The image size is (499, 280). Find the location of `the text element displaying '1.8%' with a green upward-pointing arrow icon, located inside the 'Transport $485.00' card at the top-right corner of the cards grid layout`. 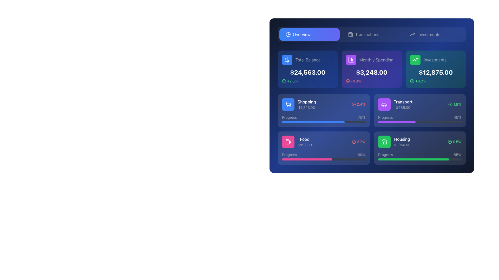

the text element displaying '1.8%' with a green upward-pointing arrow icon, located inside the 'Transport $485.00' card at the top-right corner of the cards grid layout is located at coordinates (455, 104).